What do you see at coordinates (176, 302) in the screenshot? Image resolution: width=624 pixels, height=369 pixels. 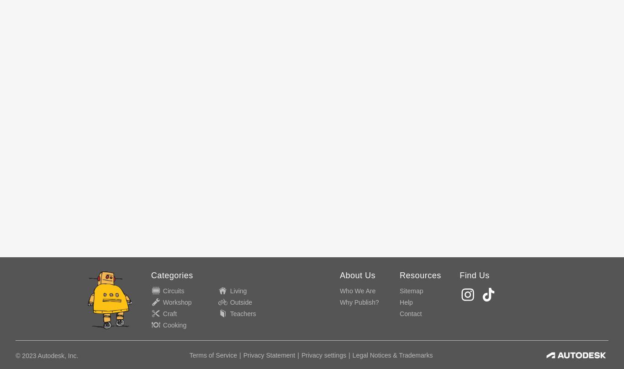 I see `'Workshop'` at bounding box center [176, 302].